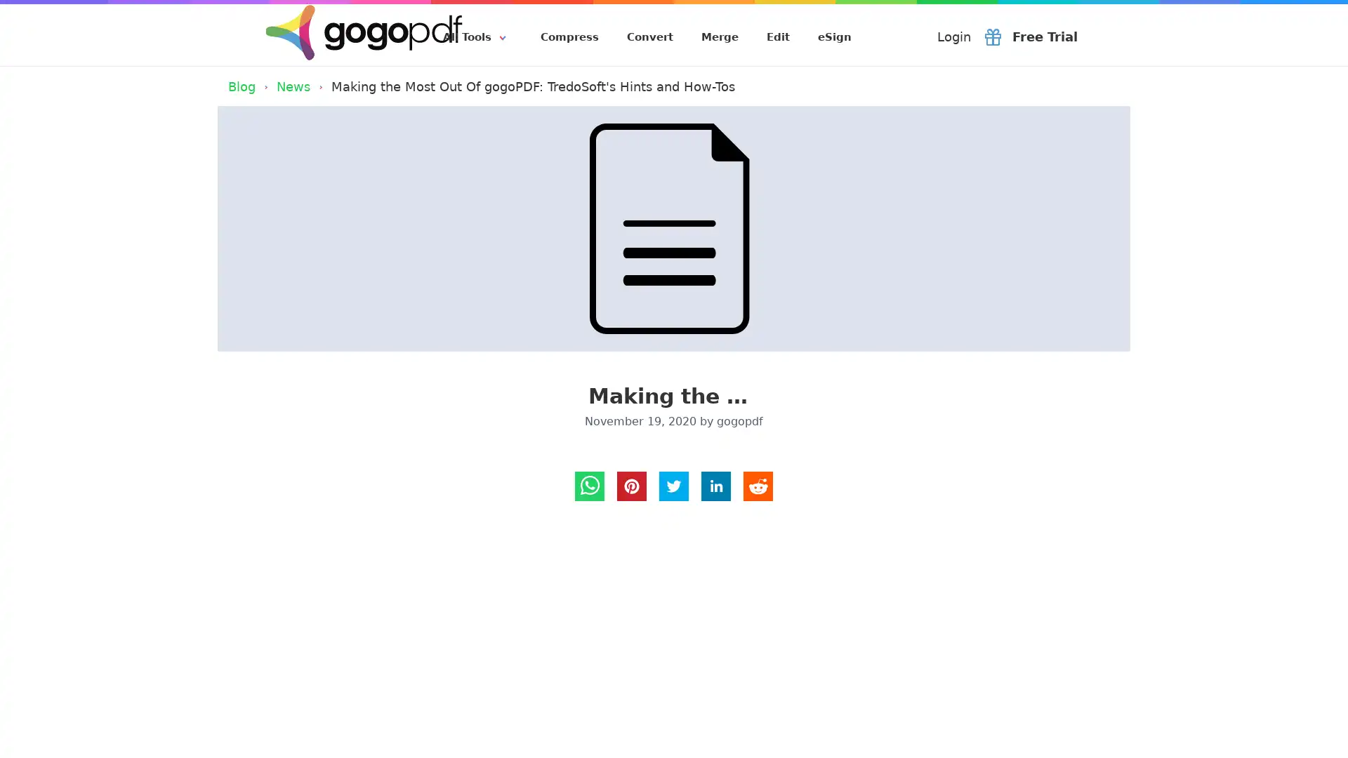 The width and height of the screenshot is (1348, 758). I want to click on pinterest, so click(631, 486).